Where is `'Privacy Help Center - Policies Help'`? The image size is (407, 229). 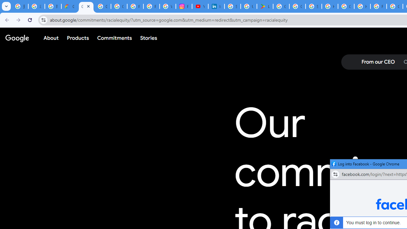
'Privacy Help Center - Policies Help' is located at coordinates (151, 6).